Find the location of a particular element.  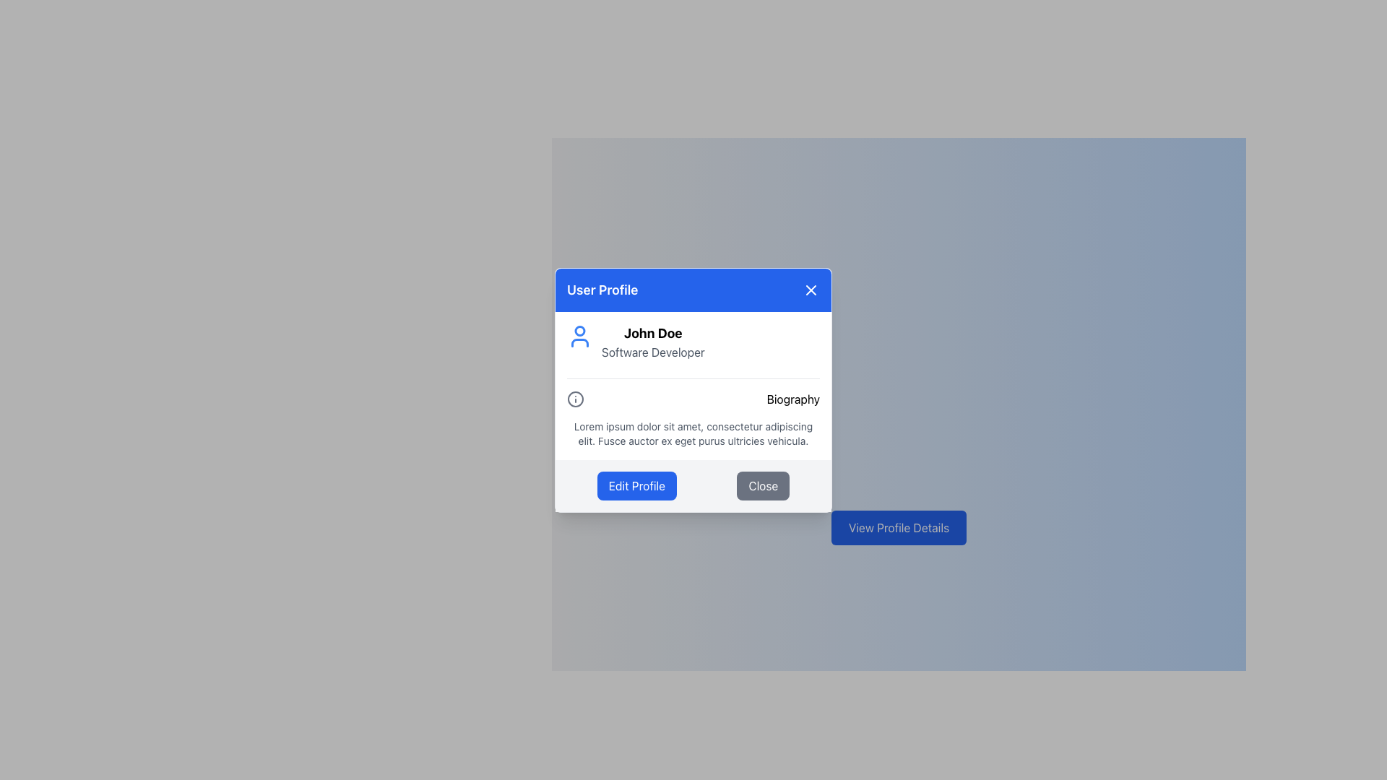

the text block displaying 'Lorem ipsum dolor sit amet, consectetur adipiscing elit. Fusce auctor ex eget purus ultricies vehicula.' located in the lower portion of the 'Biography' section of the user profile card is located at coordinates (693, 433).